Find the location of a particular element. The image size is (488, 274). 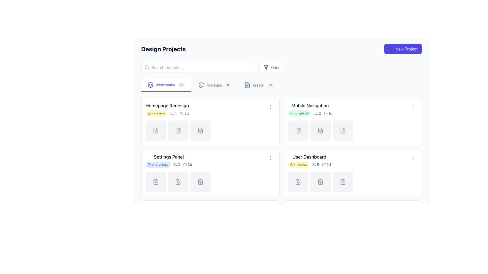

the SVG icon representing a document with an image, located in the fourth slot of the icons at the bottom of the 'User Dashboard' card is located at coordinates (343, 182).